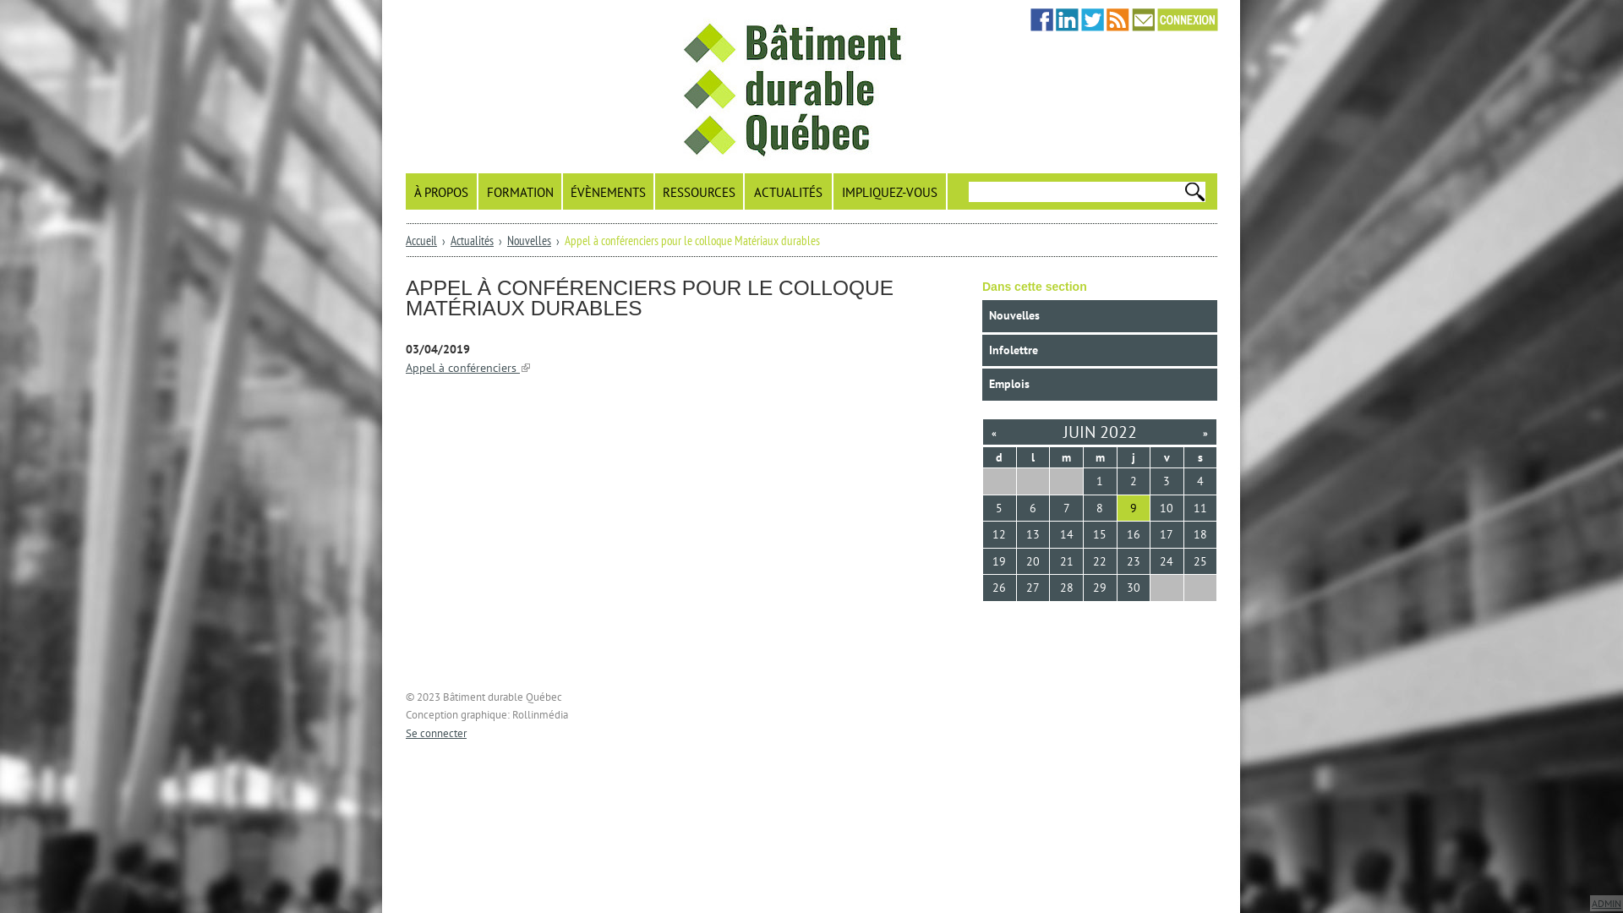 This screenshot has width=1623, height=913. I want to click on 'IMPLIQUEZ-VOUS', so click(833, 190).